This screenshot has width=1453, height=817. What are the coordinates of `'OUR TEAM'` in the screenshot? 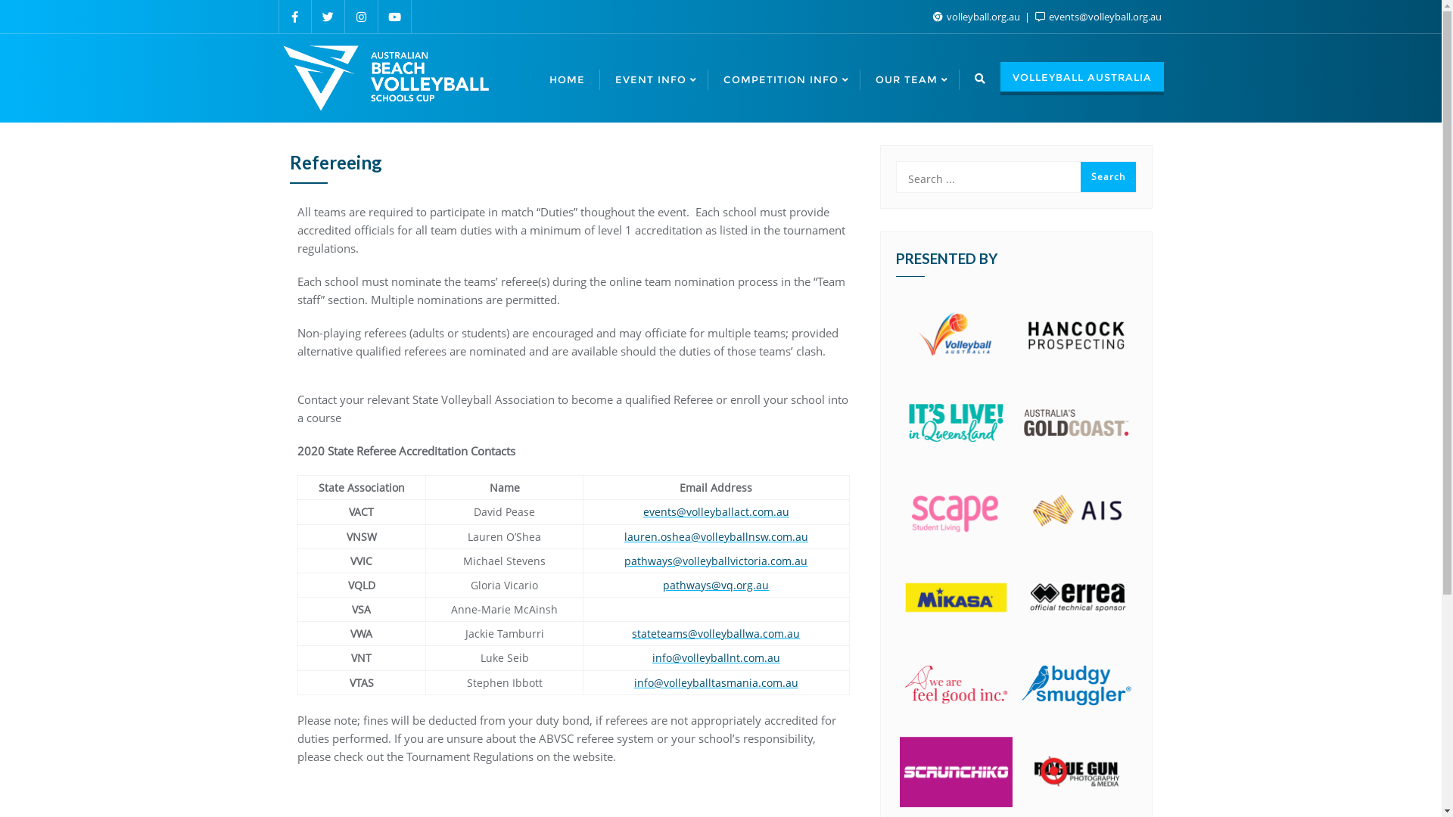 It's located at (908, 78).